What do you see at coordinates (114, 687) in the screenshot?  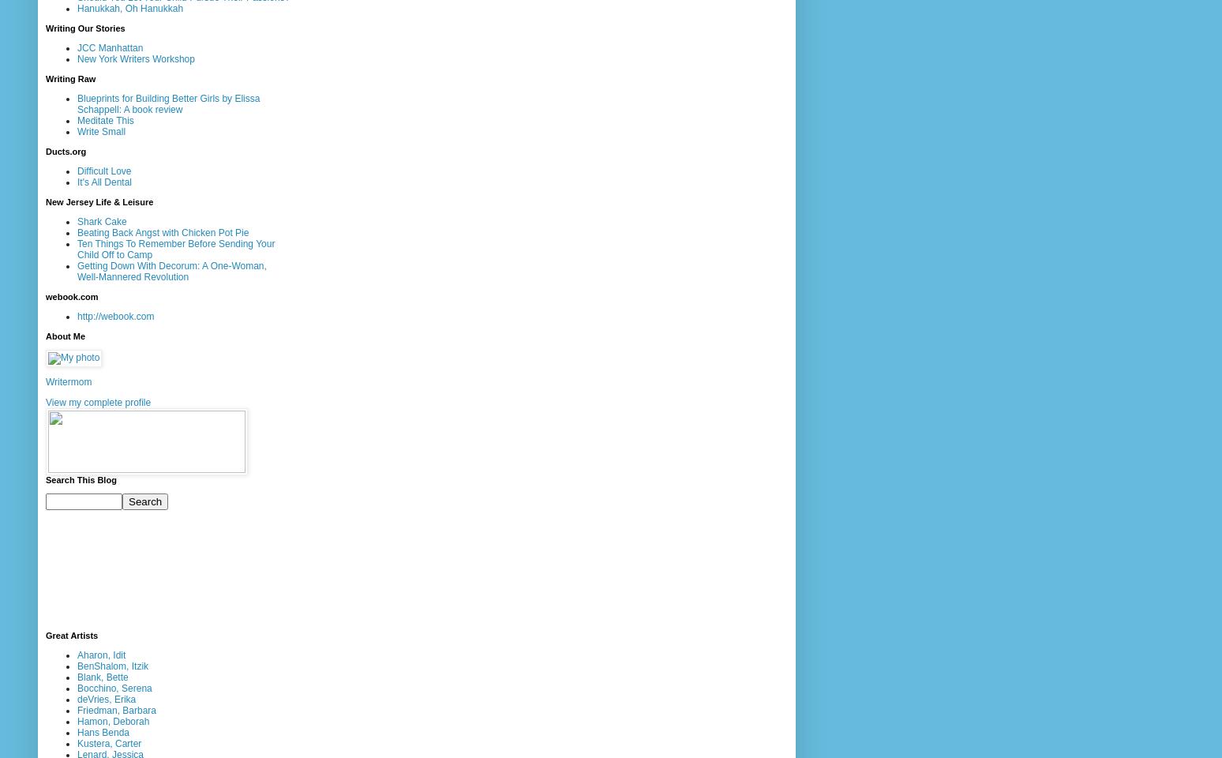 I see `'Bocchino, Serena'` at bounding box center [114, 687].